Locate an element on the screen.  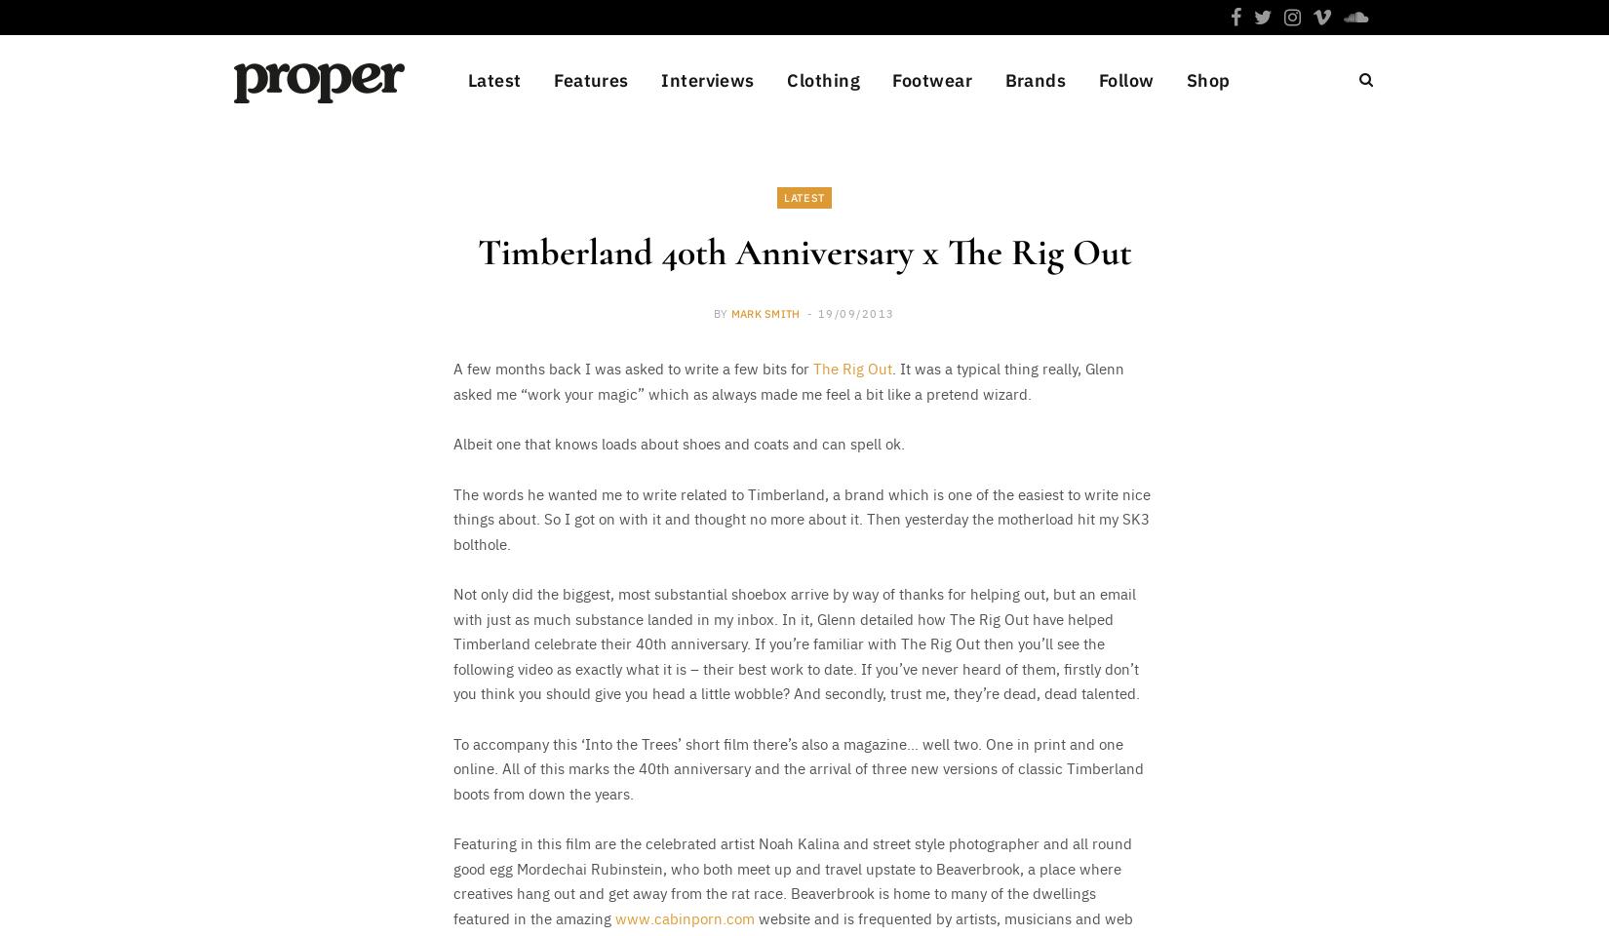
'To accompany this ‘Into the Trees’ short film there’s also a magazine… well two. One in print and one online. All of this marks the 40th anniversary and the arrival of three new versions of classic Timberland boots from down the years.' is located at coordinates (798, 767).